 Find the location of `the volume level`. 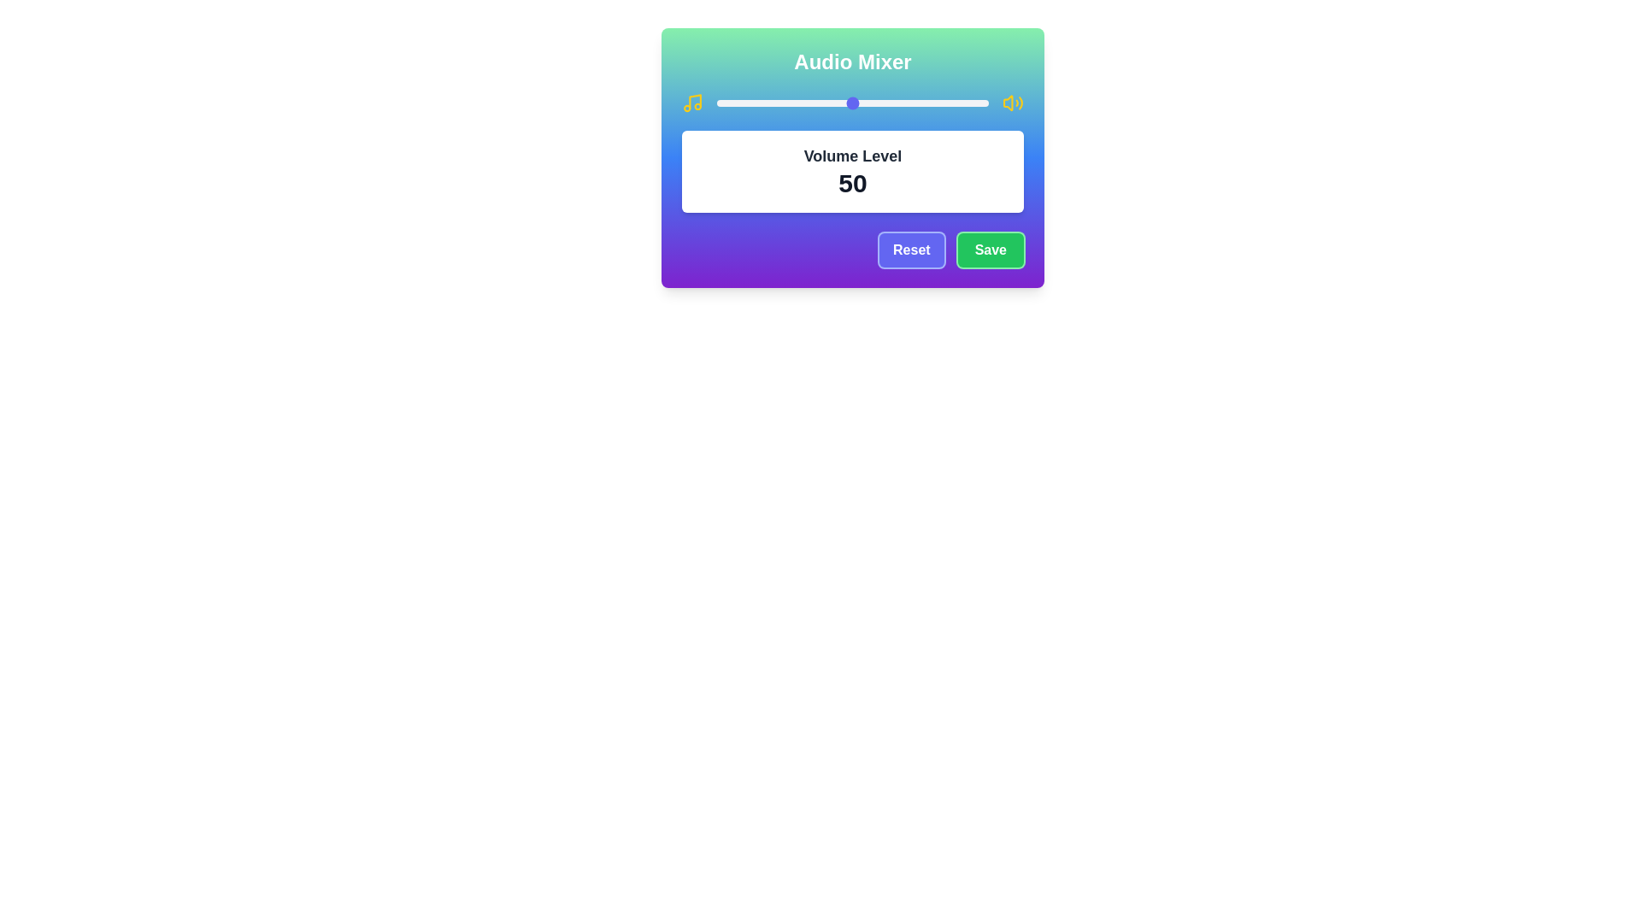

the volume level is located at coordinates (831, 103).